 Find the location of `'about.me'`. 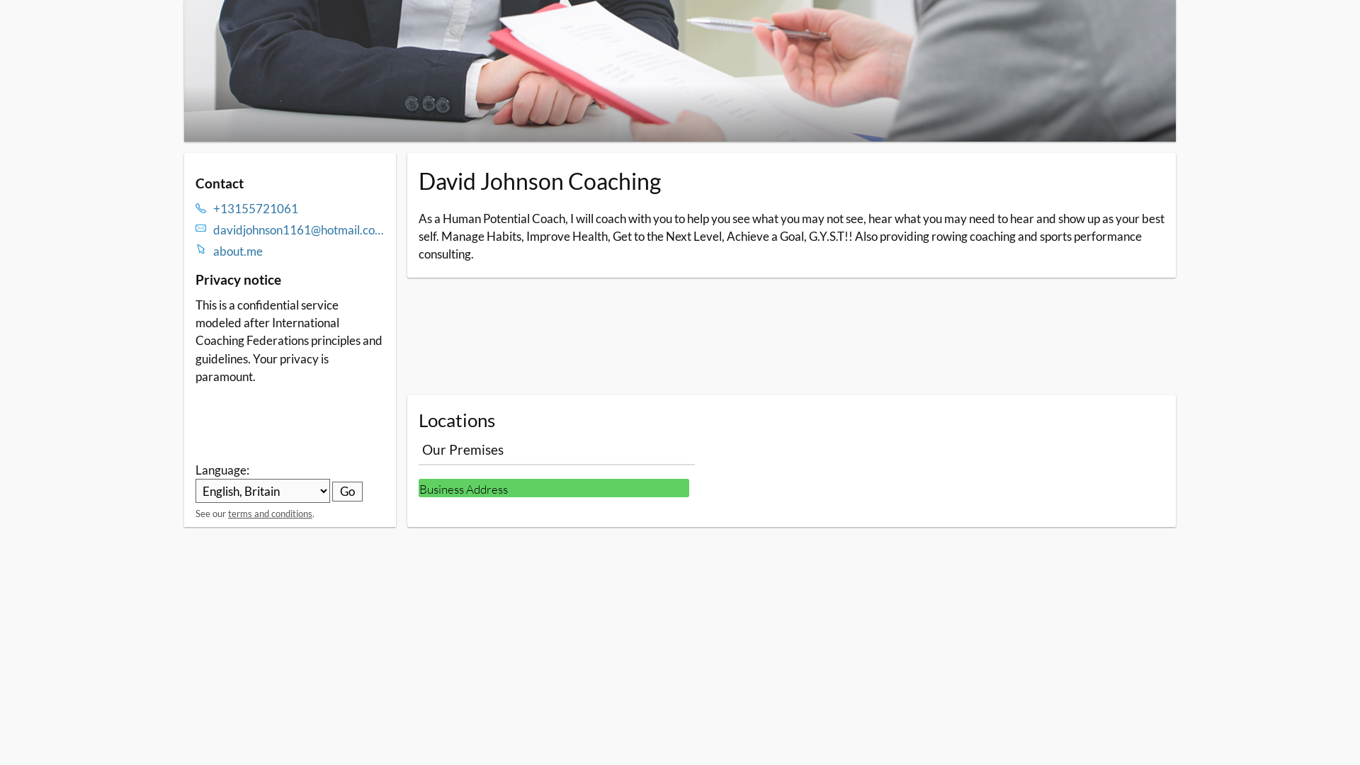

'about.me' is located at coordinates (298, 250).